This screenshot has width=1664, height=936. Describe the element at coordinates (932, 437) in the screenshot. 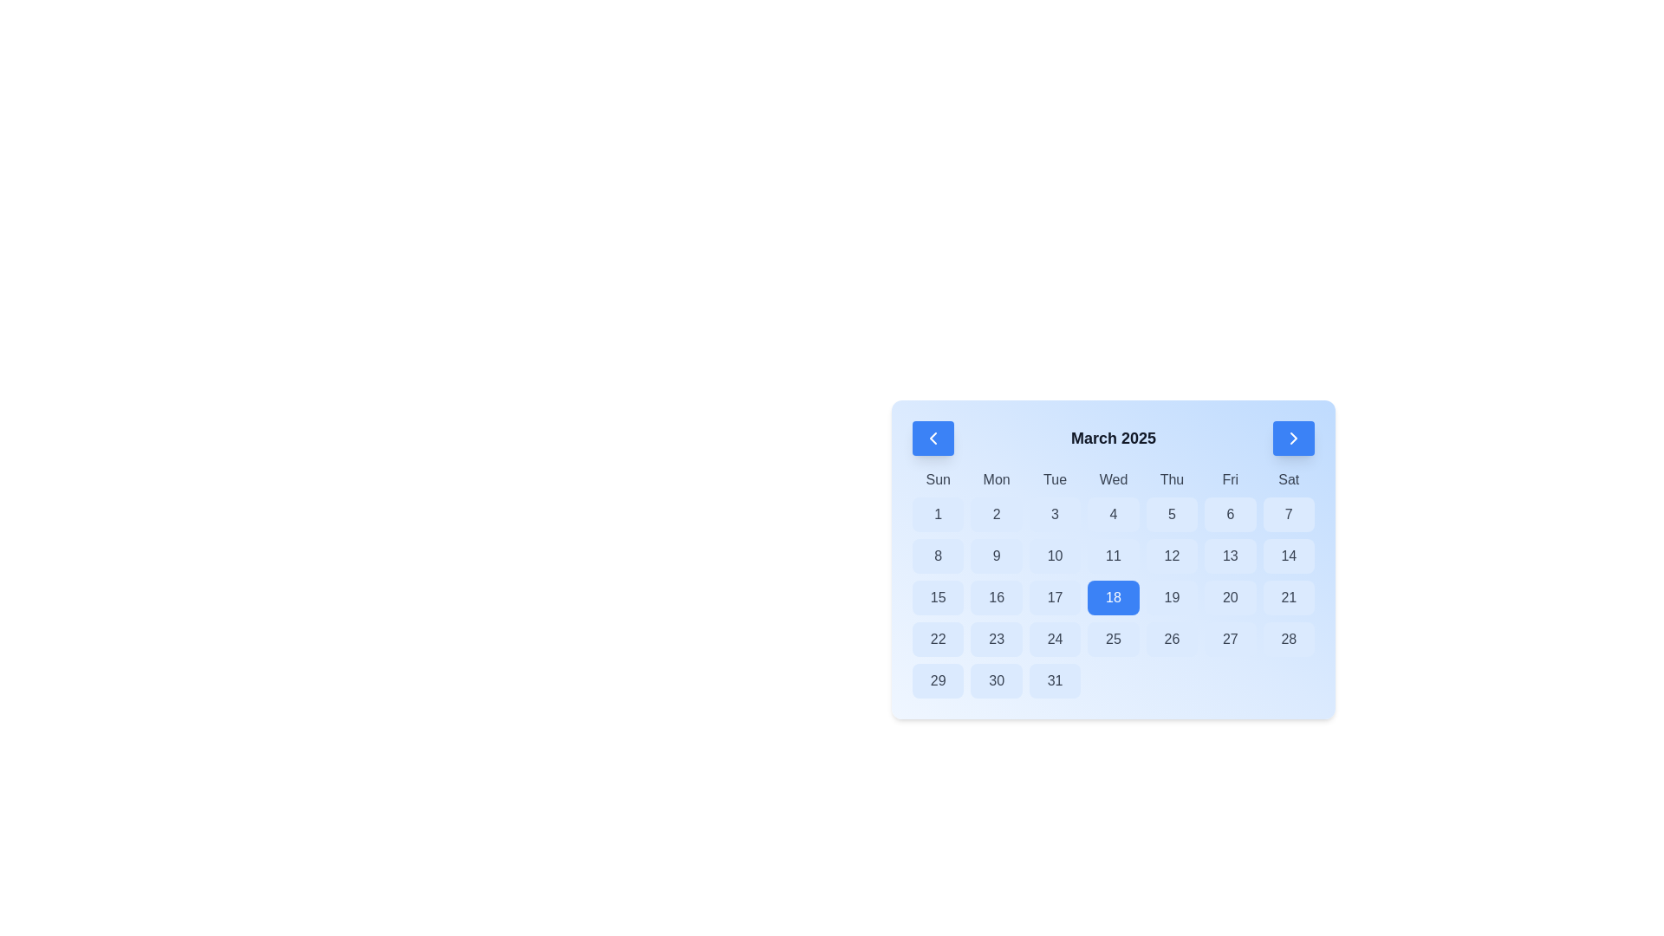

I see `the button located on the left-hand side of the header` at that location.